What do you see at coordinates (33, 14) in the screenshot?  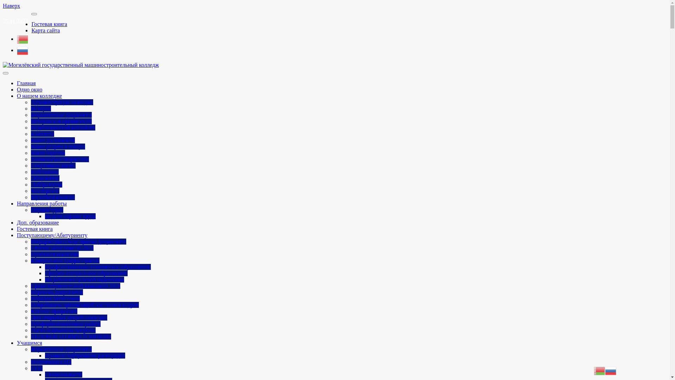 I see `'Toggle navigation'` at bounding box center [33, 14].